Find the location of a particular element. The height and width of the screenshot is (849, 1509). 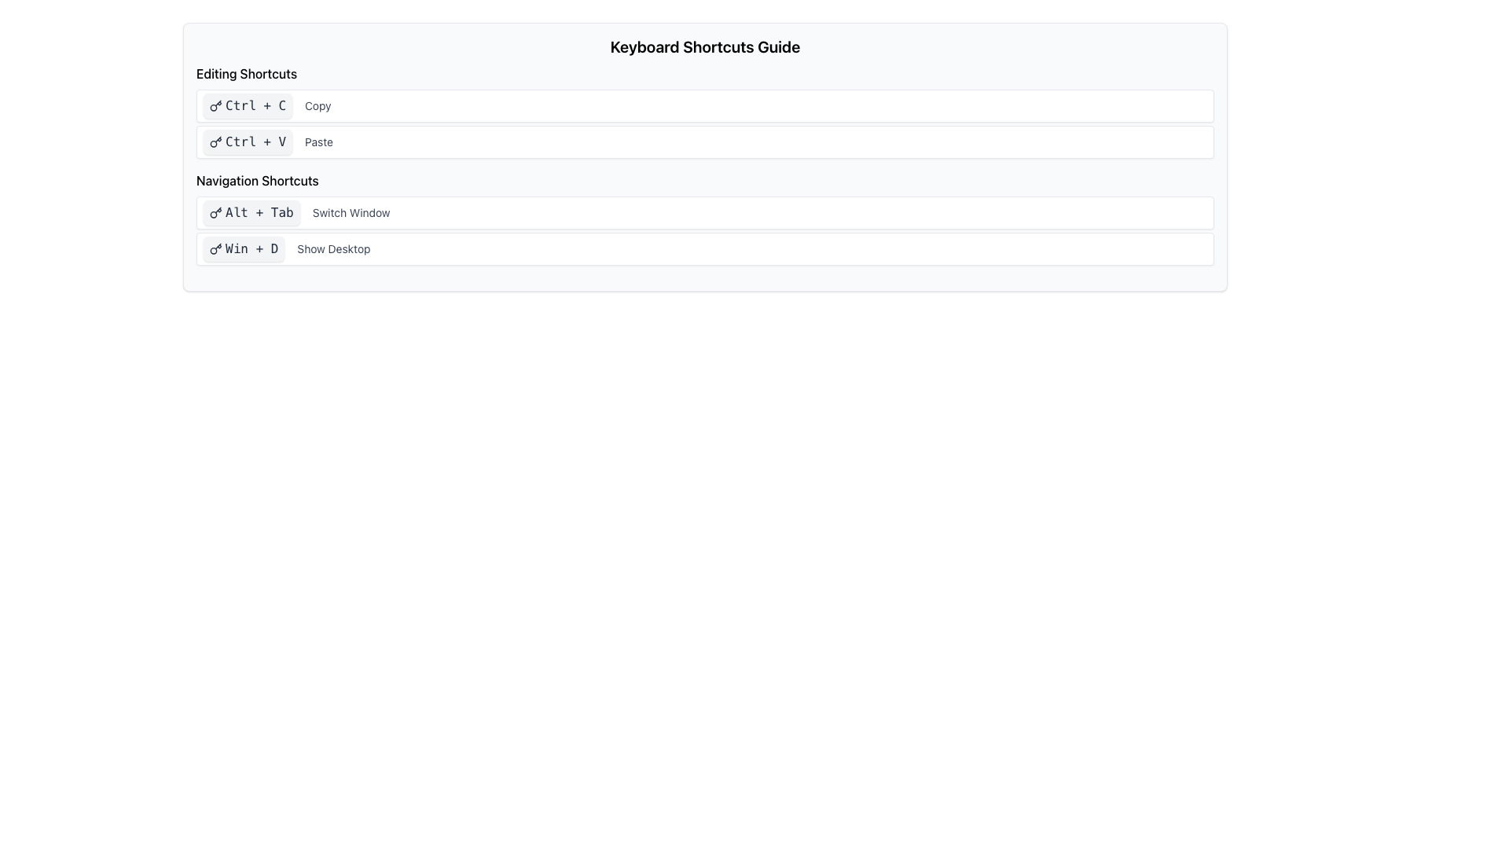

the text label that indicates the 'Paste' operation for the shortcut key combination 'Ctrl + V' under 'Editing Shortcuts' is located at coordinates (318, 142).